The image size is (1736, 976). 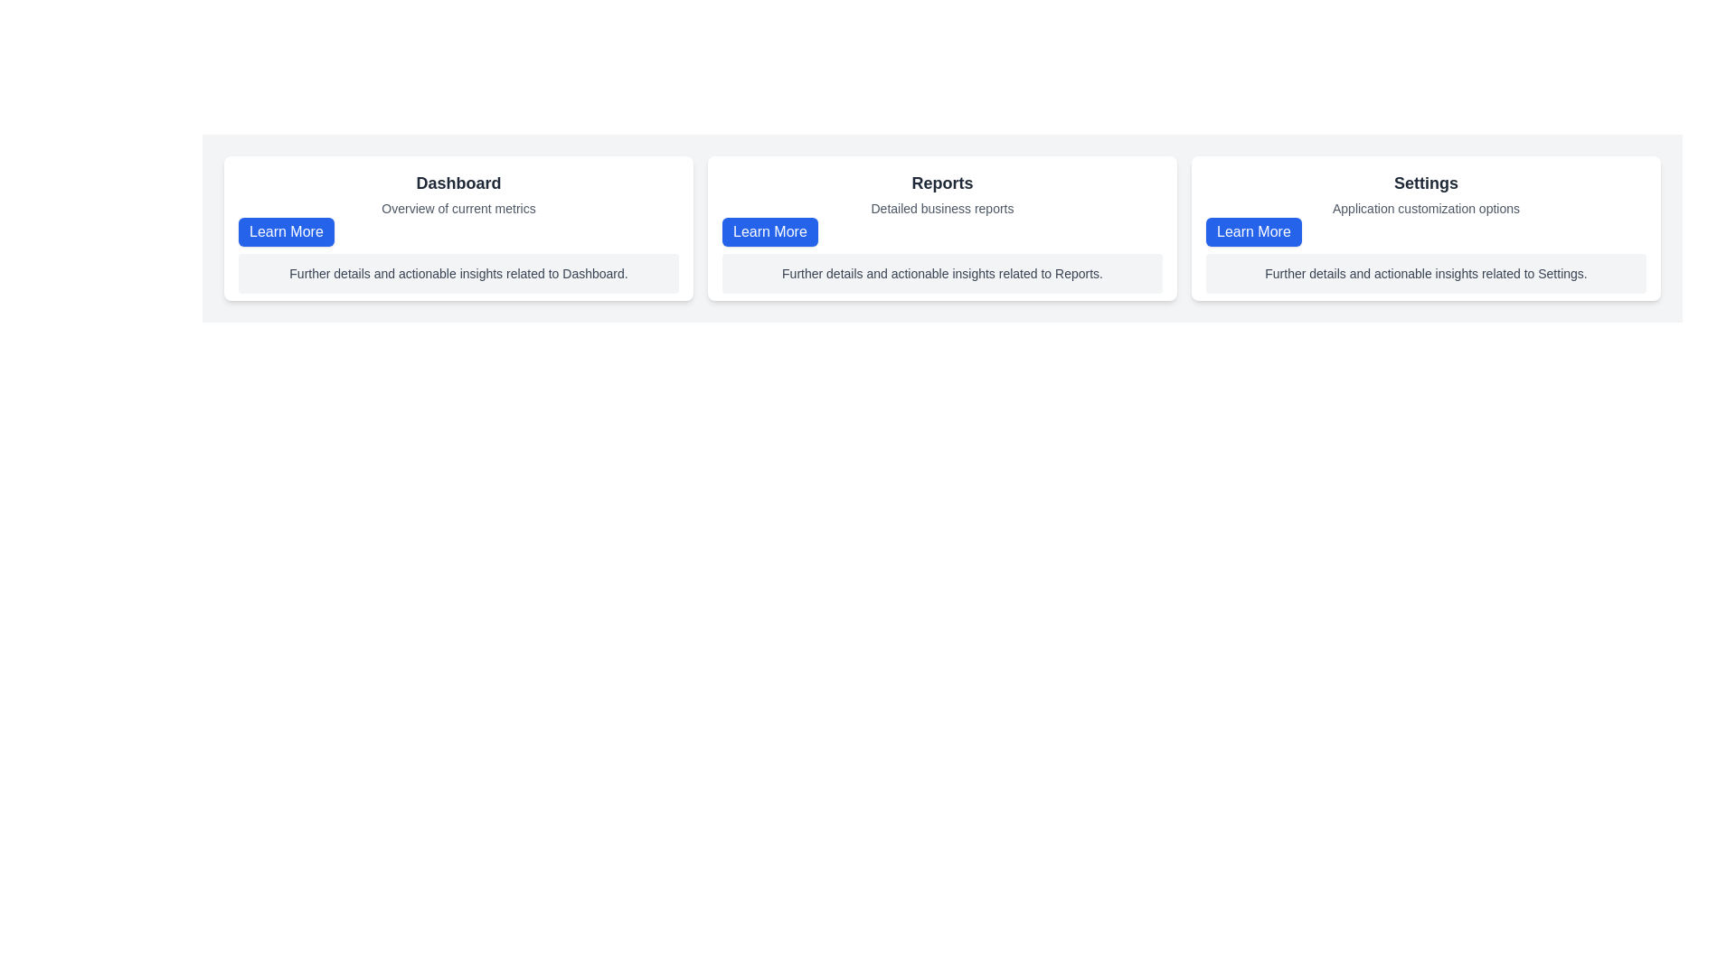 What do you see at coordinates (941, 274) in the screenshot?
I see `the supplementary information Text label located at the bottom of the 'Reports' card, which is positioned below the 'Learn More' button and the 'Detailed business reports' subtitle` at bounding box center [941, 274].